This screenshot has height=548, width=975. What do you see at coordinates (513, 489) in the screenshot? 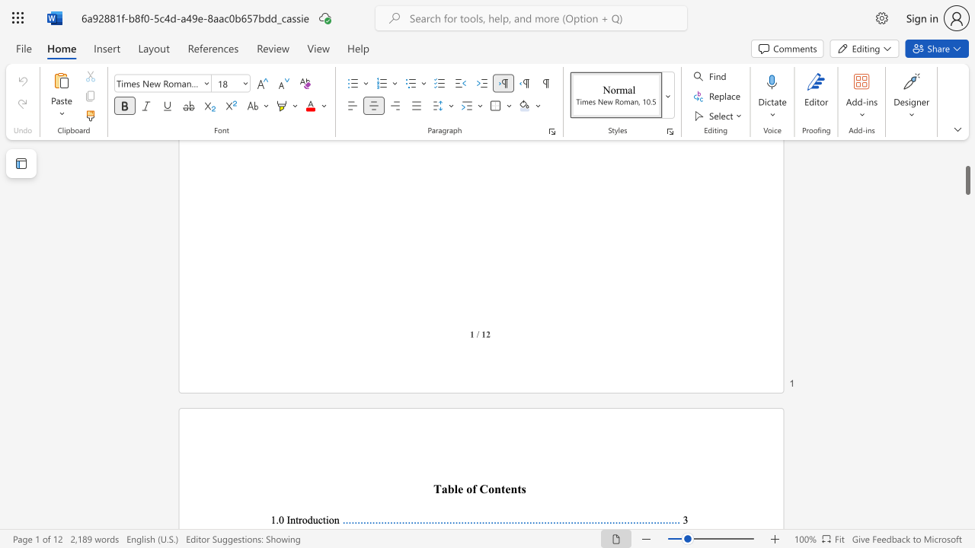
I see `the 2th character "n" in the text` at bounding box center [513, 489].